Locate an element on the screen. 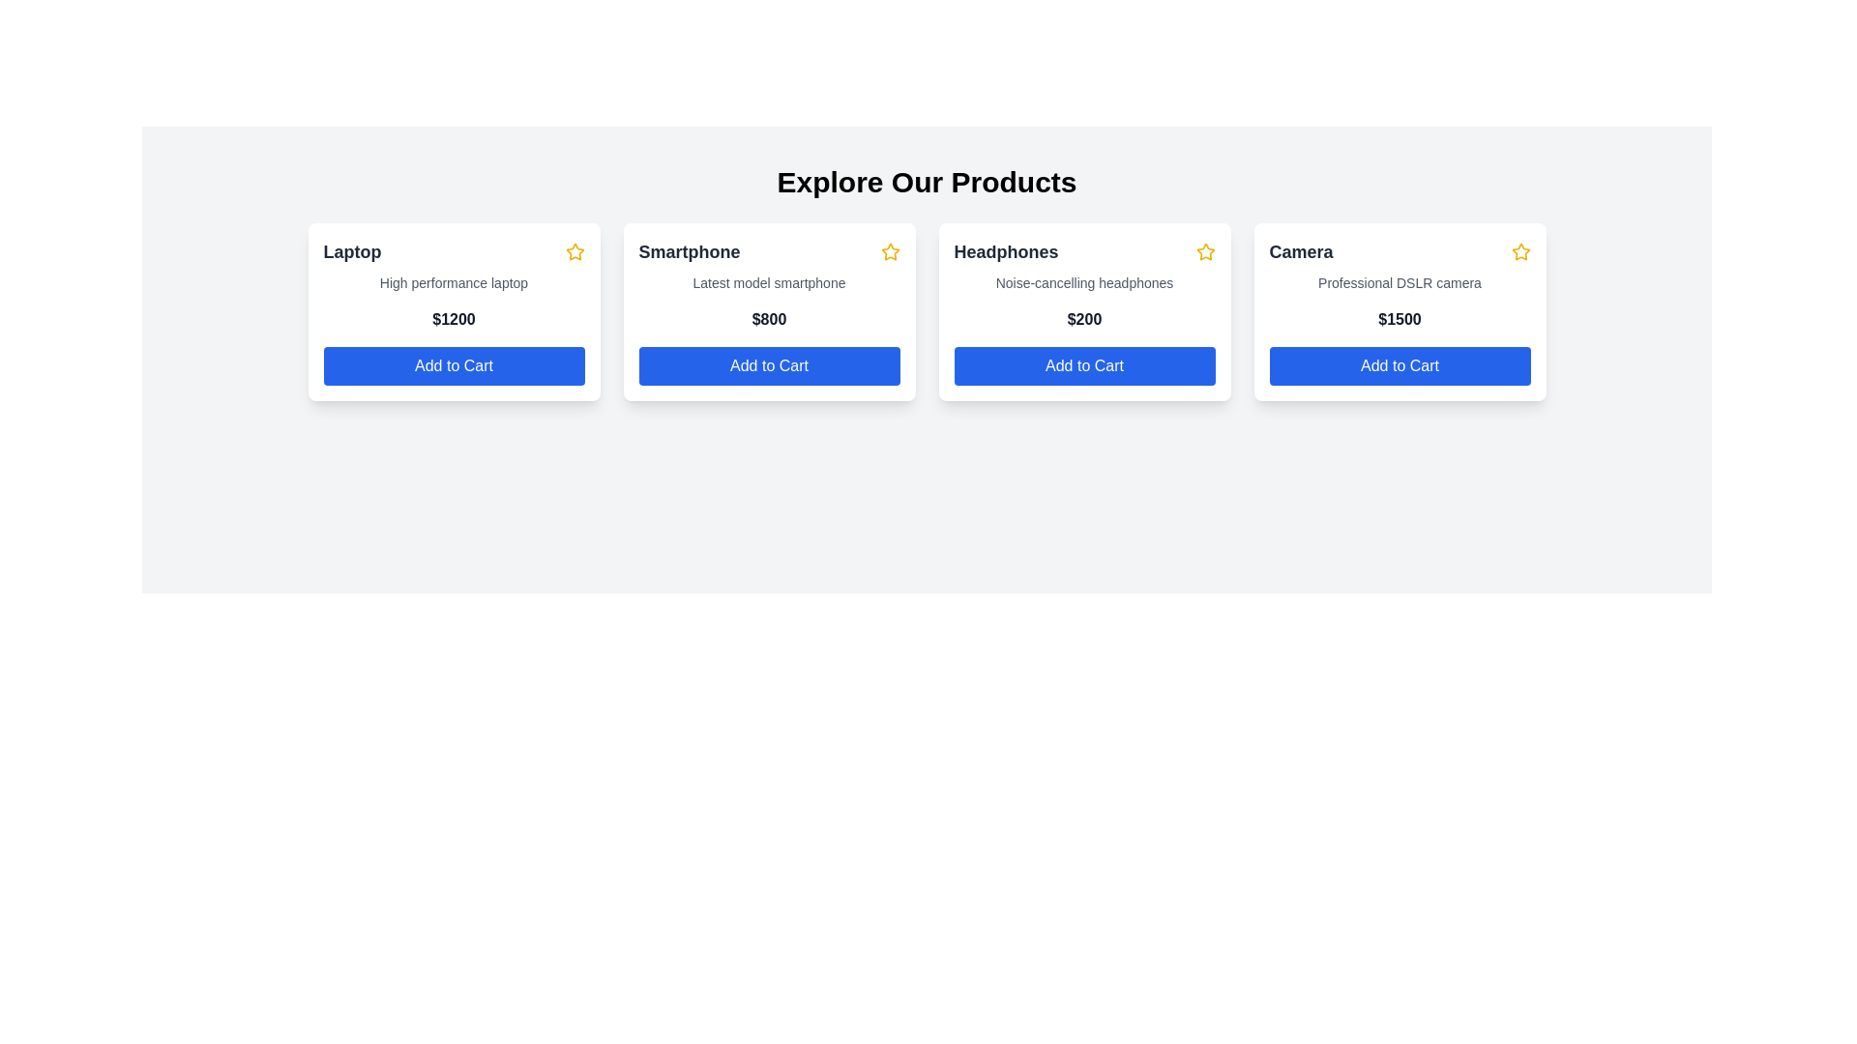 This screenshot has width=1857, height=1044. the 'Add to Cart' button located at the bottom of the camera product card to observe the hover effect is located at coordinates (1400, 365).